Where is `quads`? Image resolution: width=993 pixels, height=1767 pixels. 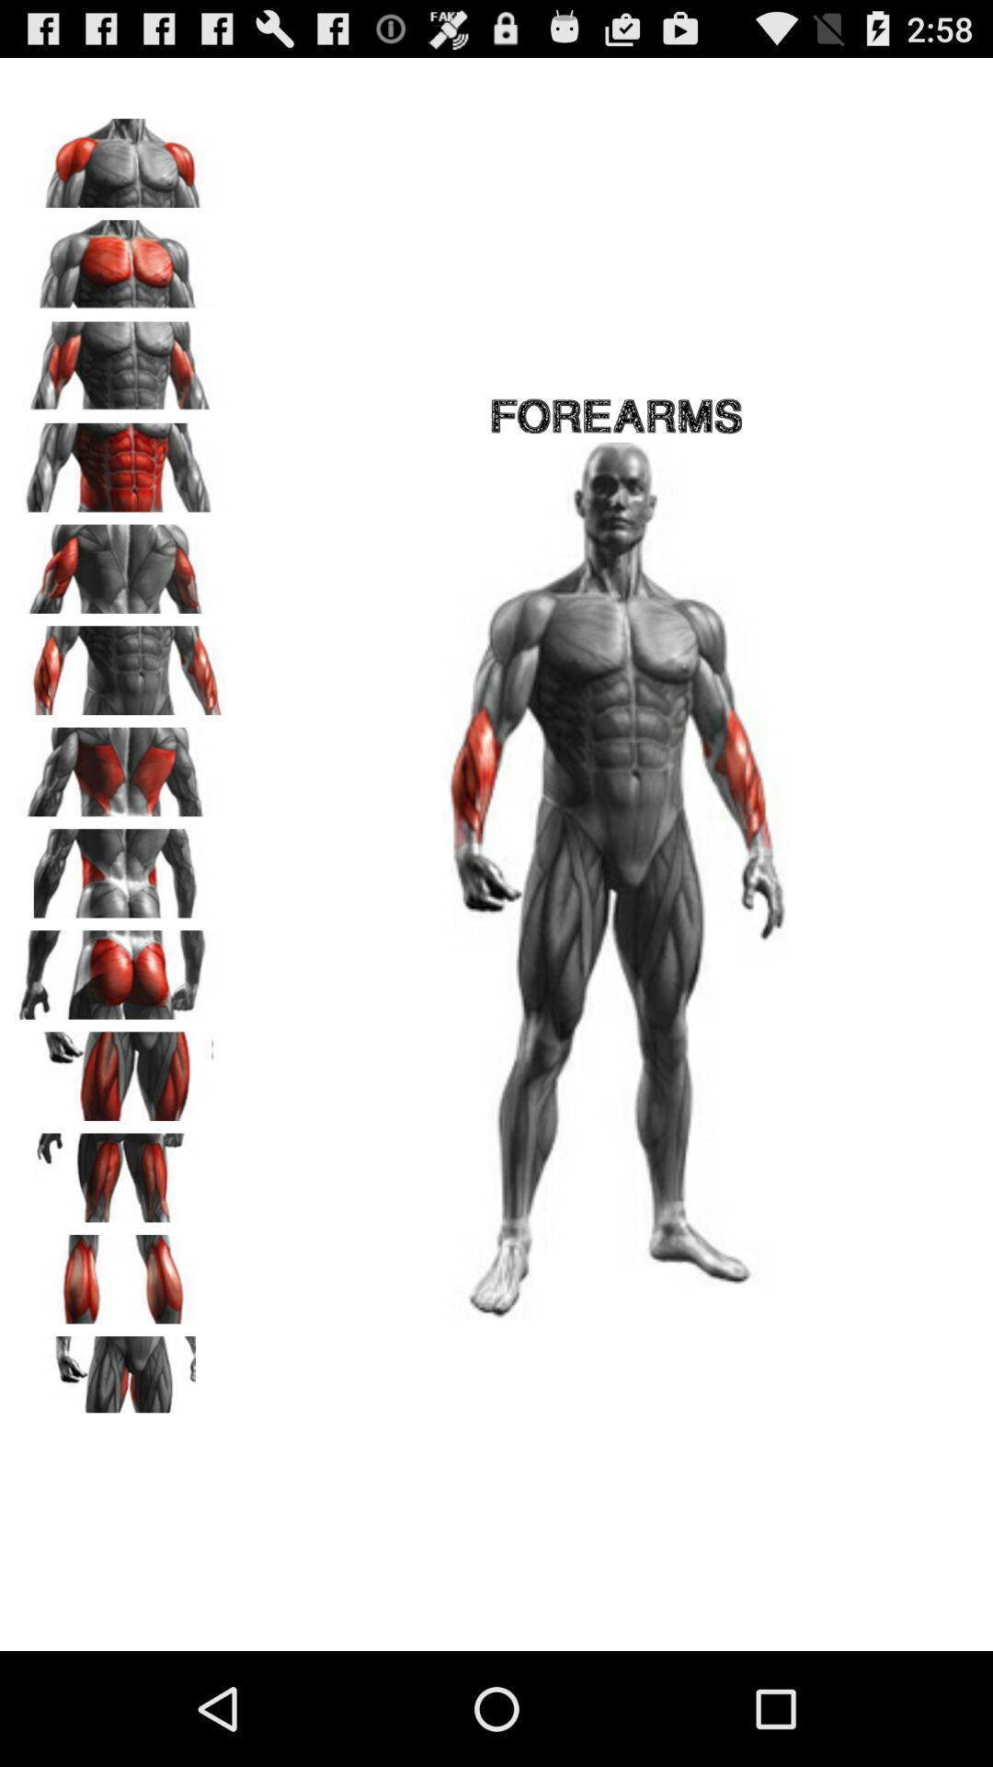 quads is located at coordinates (120, 1069).